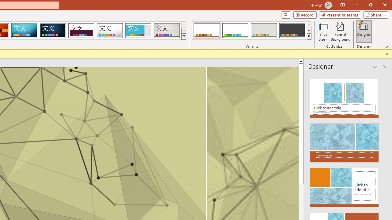 The height and width of the screenshot is (220, 392). What do you see at coordinates (323, 31) in the screenshot?
I see `'Slide Size'` at bounding box center [323, 31].